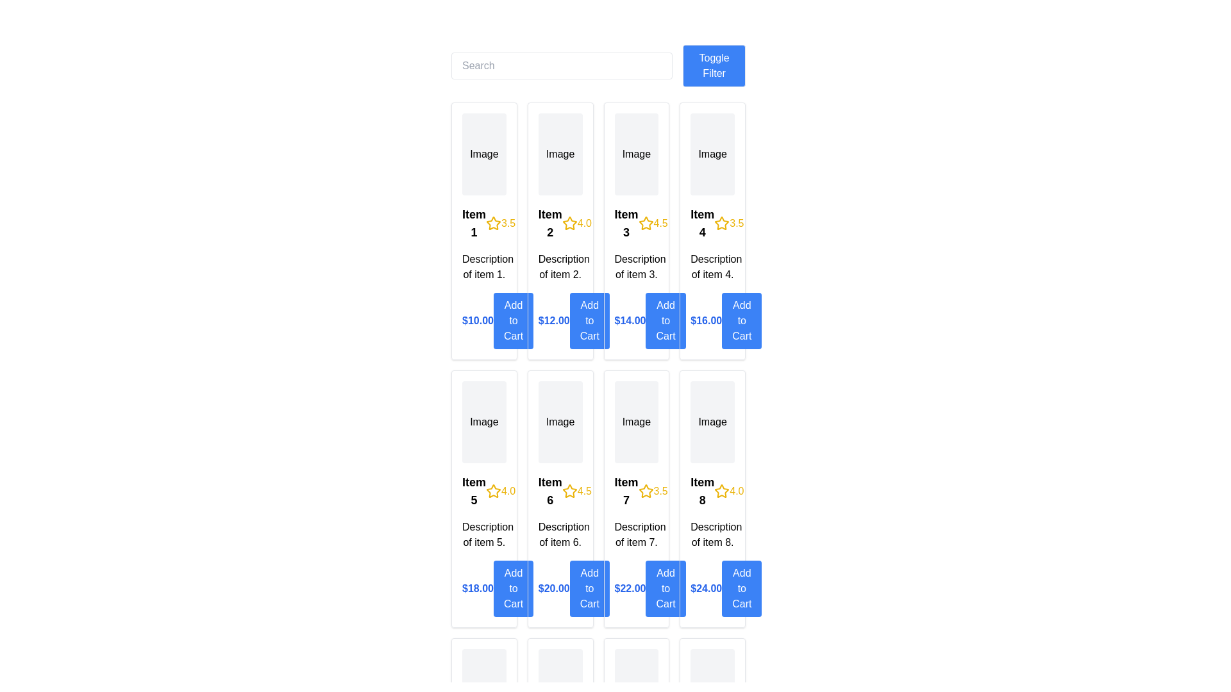 The width and height of the screenshot is (1231, 692). I want to click on the fifth product card in the grid layout, so click(483, 498).